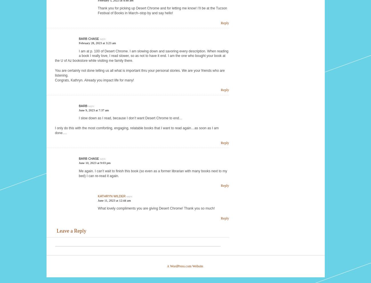 The width and height of the screenshot is (371, 283). I want to click on 'A WordPress.com Website', so click(185, 266).